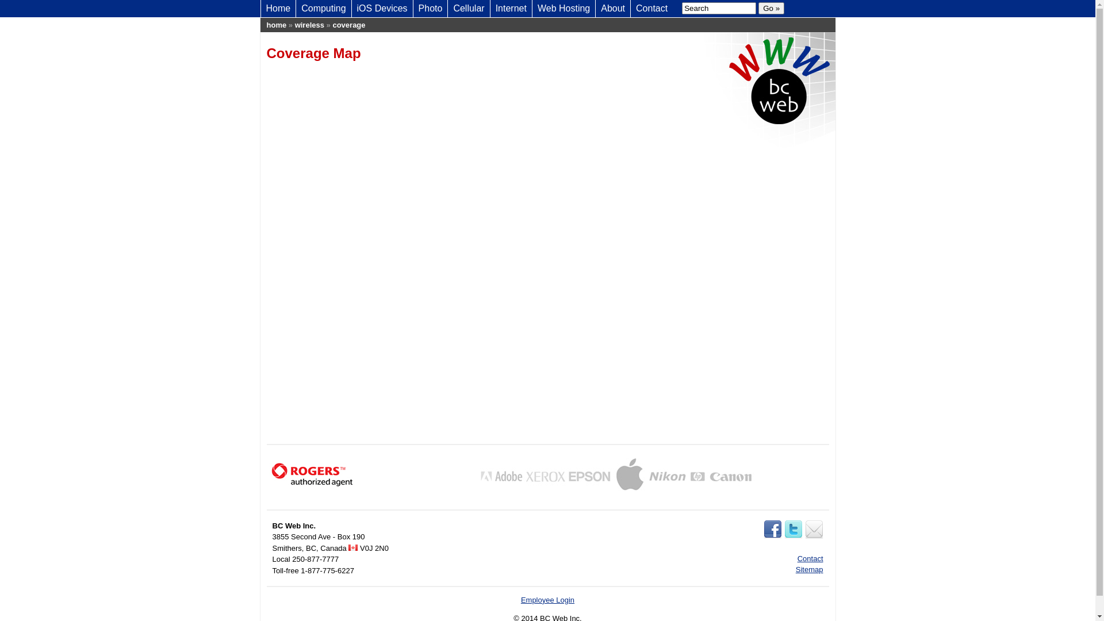 Image resolution: width=1104 pixels, height=621 pixels. Describe the element at coordinates (612, 9) in the screenshot. I see `'About'` at that location.